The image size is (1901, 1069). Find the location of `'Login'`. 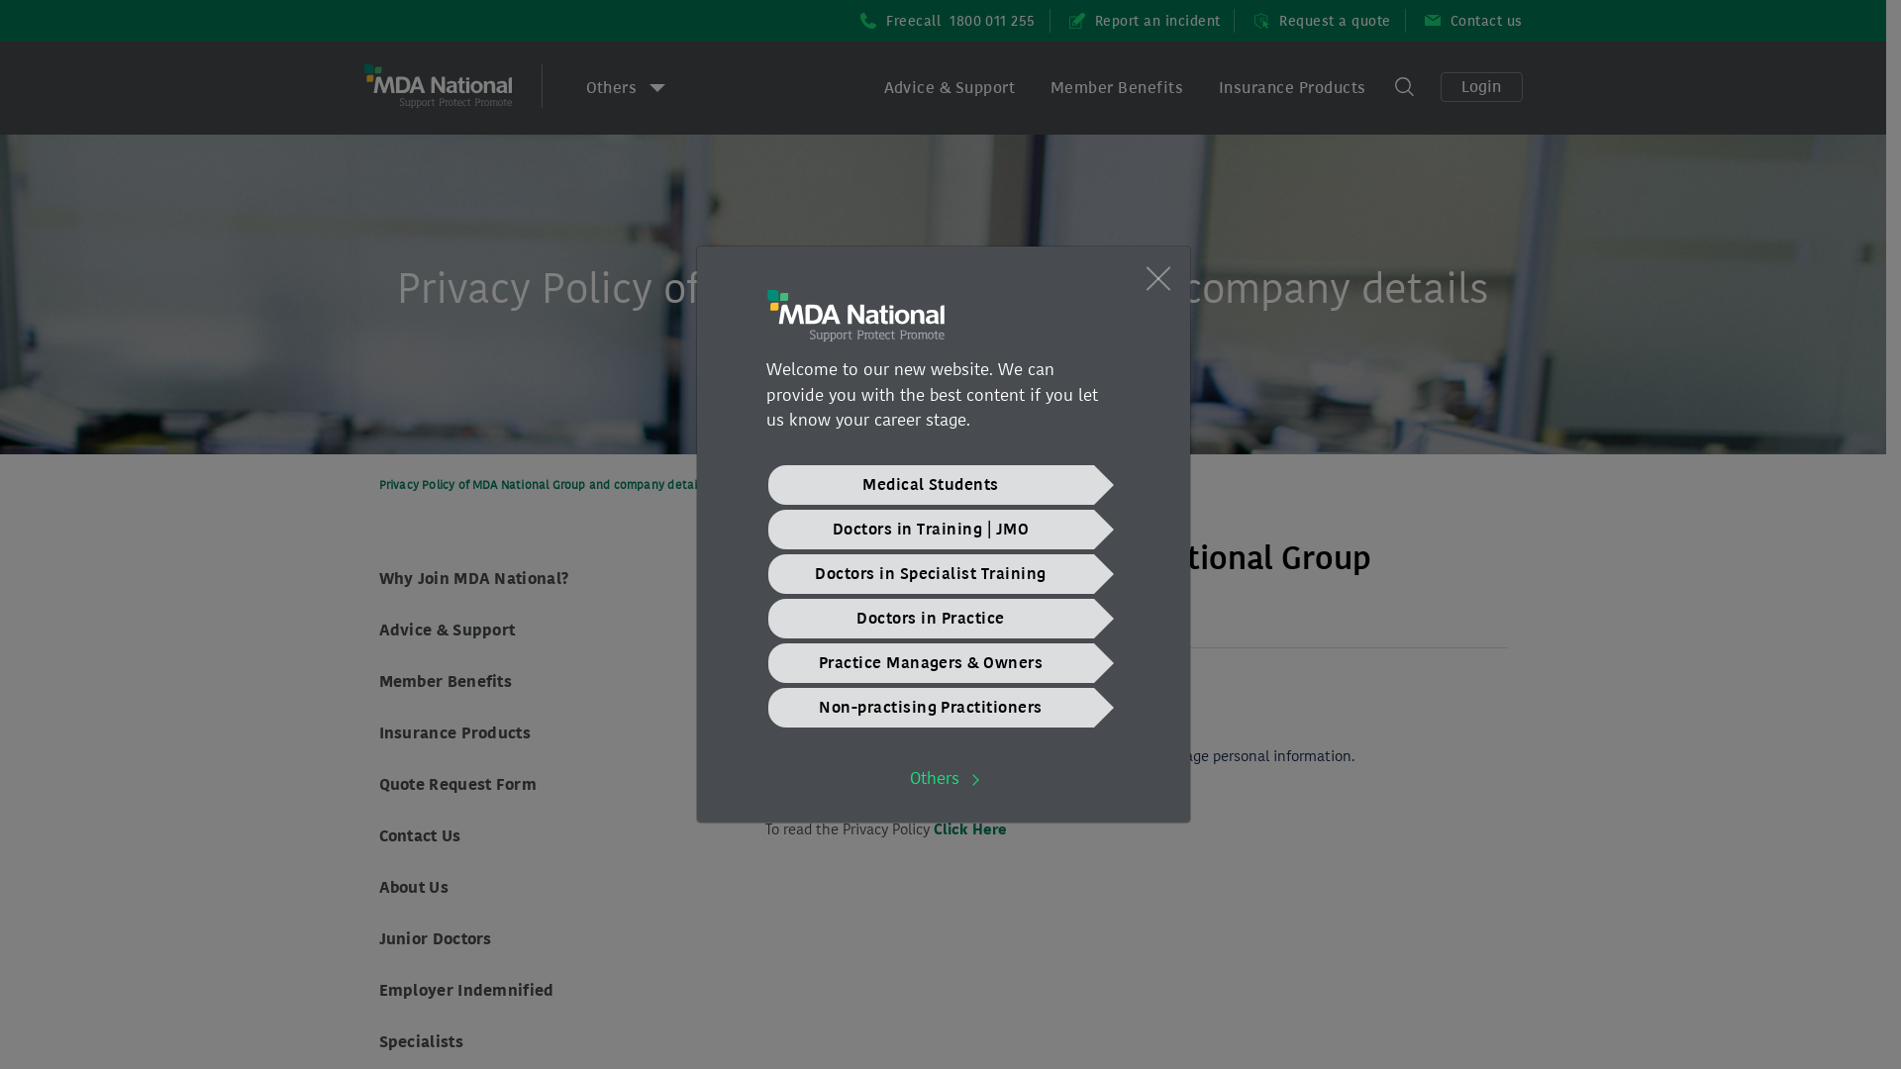

'Login' is located at coordinates (1480, 86).